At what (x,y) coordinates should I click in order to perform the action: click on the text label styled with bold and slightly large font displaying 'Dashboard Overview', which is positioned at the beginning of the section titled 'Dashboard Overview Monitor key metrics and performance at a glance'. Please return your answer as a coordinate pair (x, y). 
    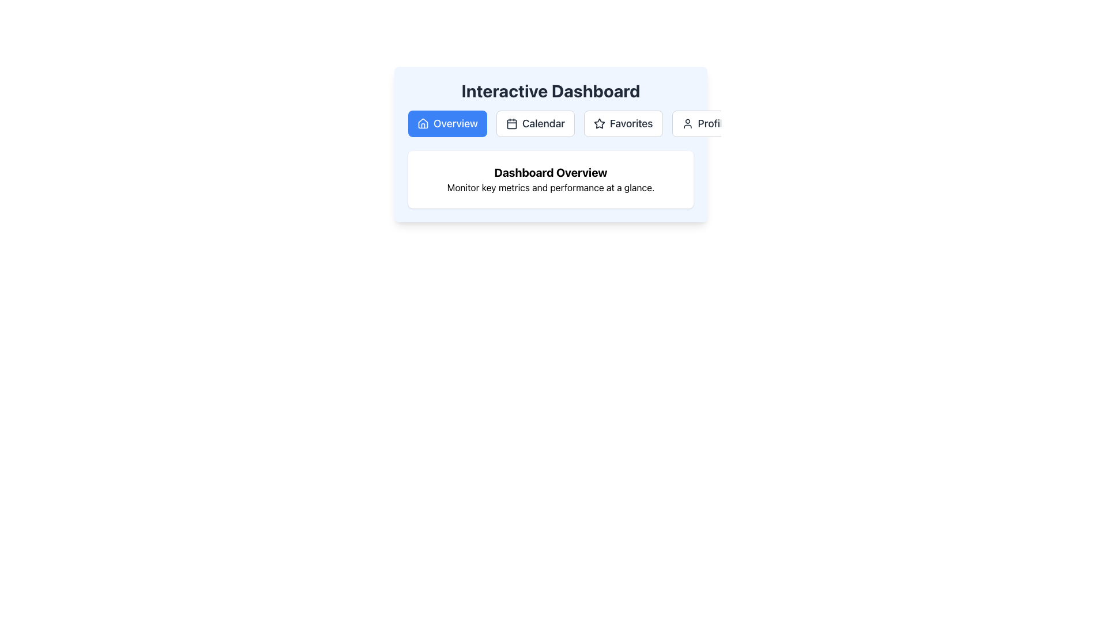
    Looking at the image, I should click on (550, 173).